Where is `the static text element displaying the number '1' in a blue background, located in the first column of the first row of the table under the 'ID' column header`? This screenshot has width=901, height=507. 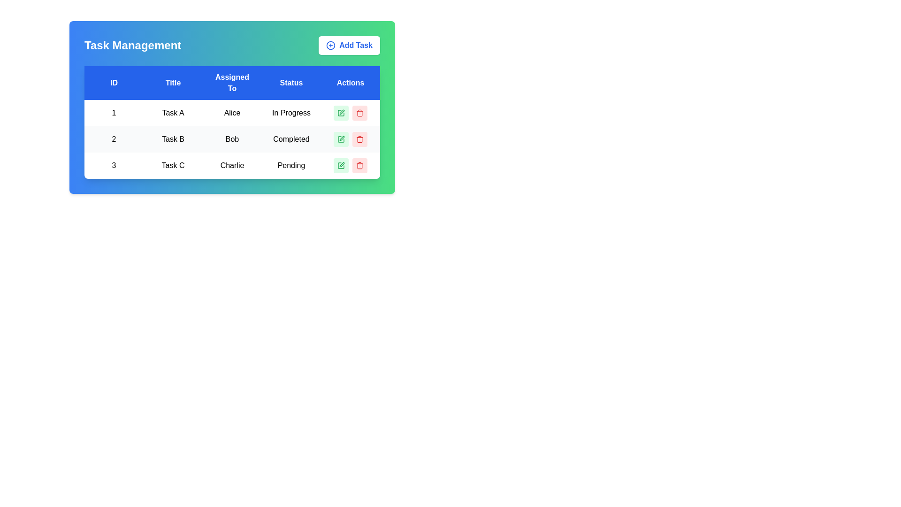
the static text element displaying the number '1' in a blue background, located in the first column of the first row of the table under the 'ID' column header is located at coordinates (114, 112).